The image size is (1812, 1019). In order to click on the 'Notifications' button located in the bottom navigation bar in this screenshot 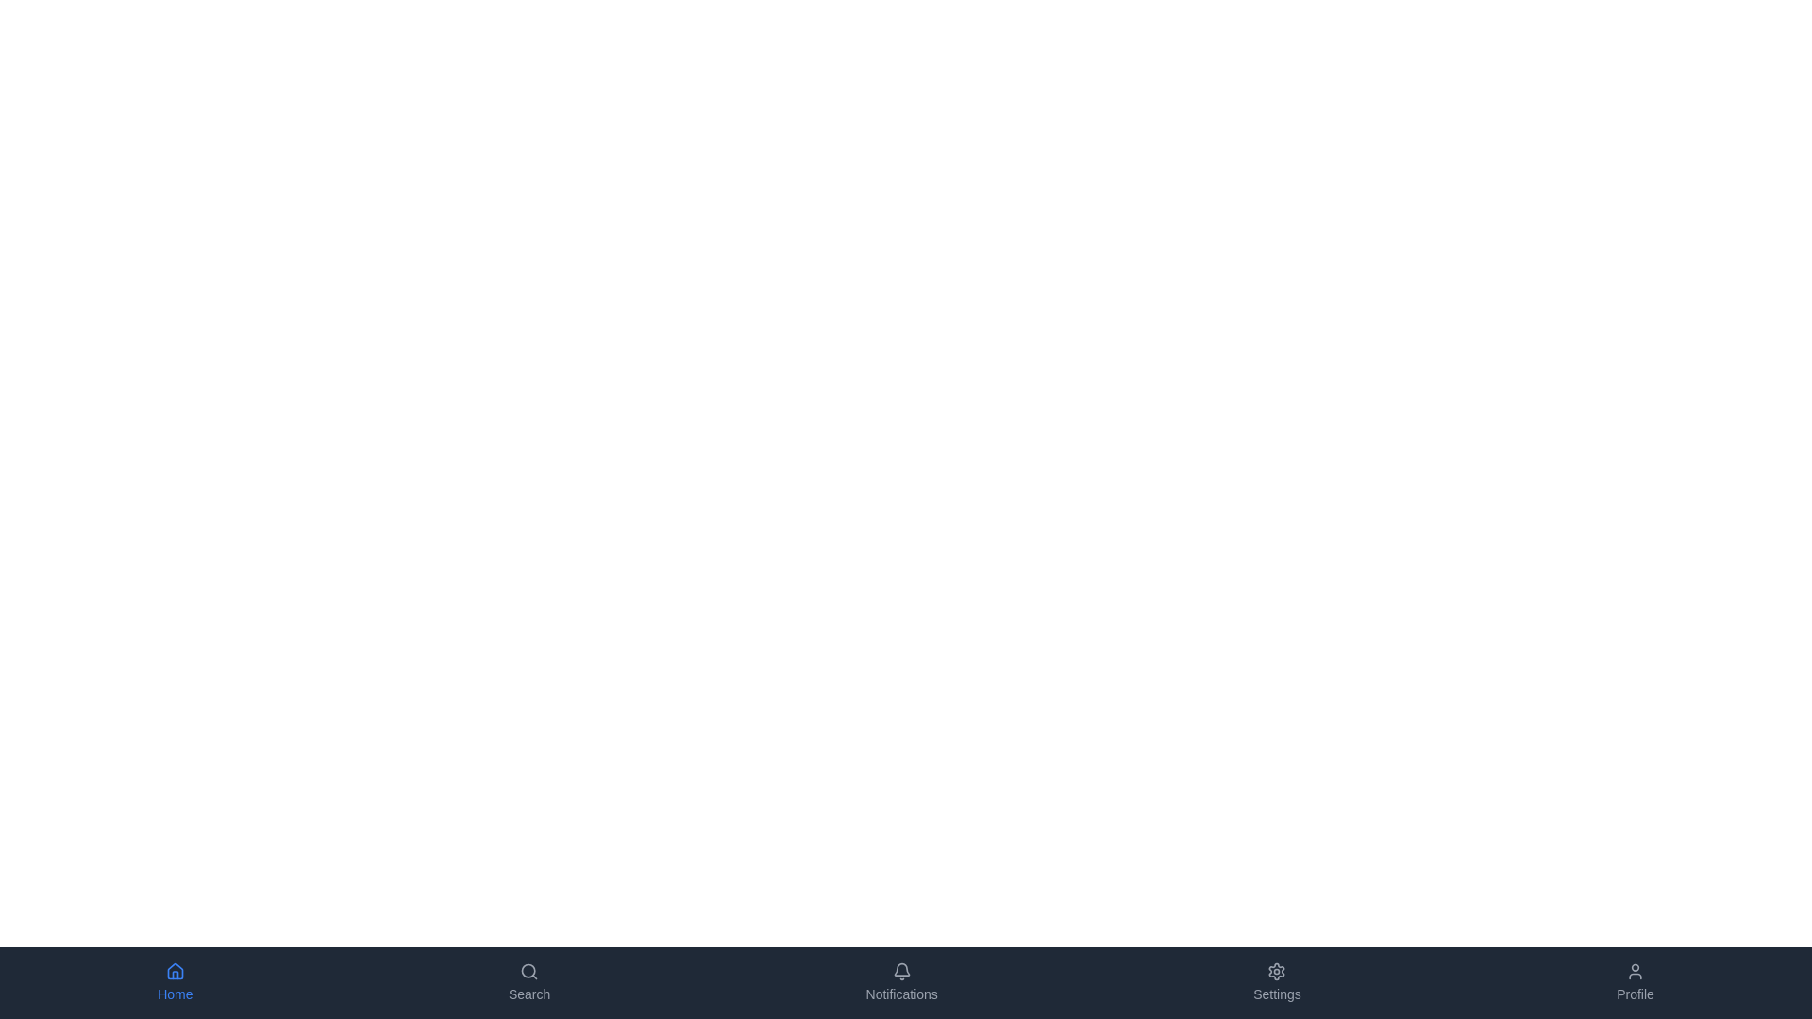, I will do `click(900, 981)`.